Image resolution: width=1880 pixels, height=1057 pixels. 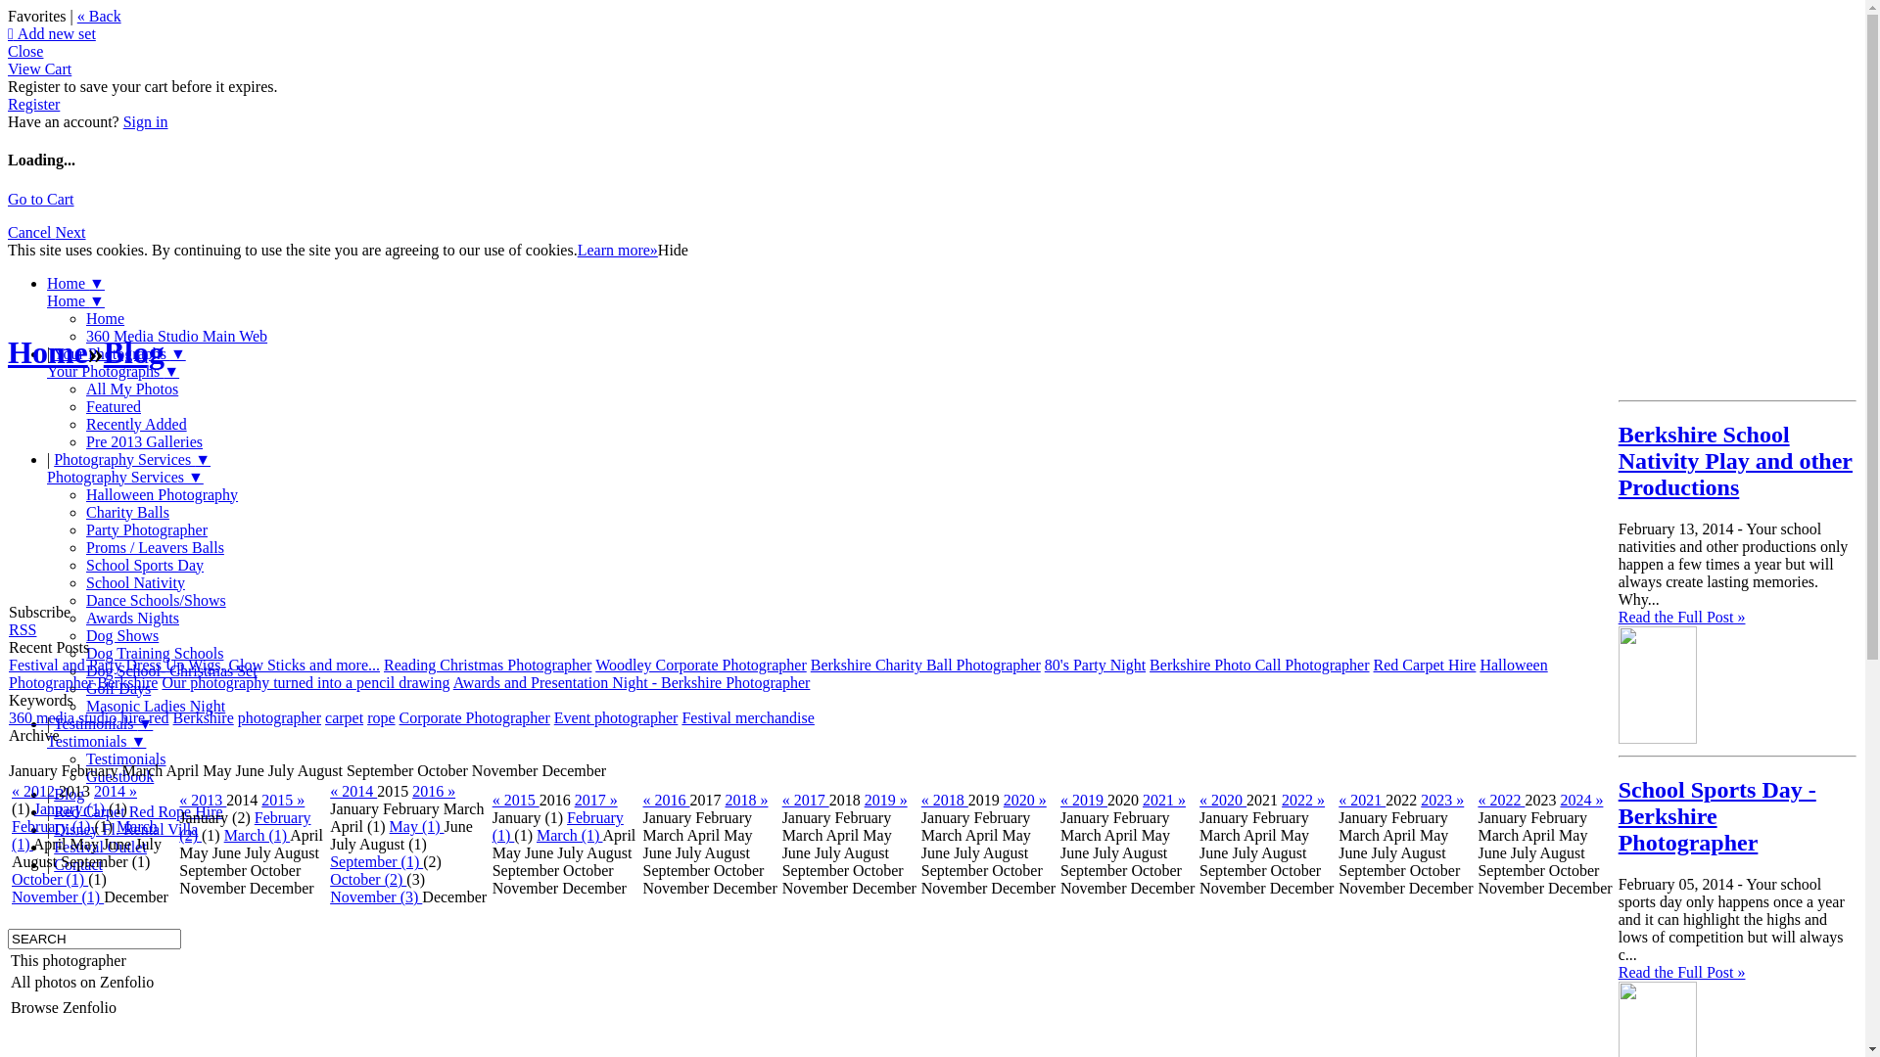 What do you see at coordinates (135, 423) in the screenshot?
I see `'Recently Added'` at bounding box center [135, 423].